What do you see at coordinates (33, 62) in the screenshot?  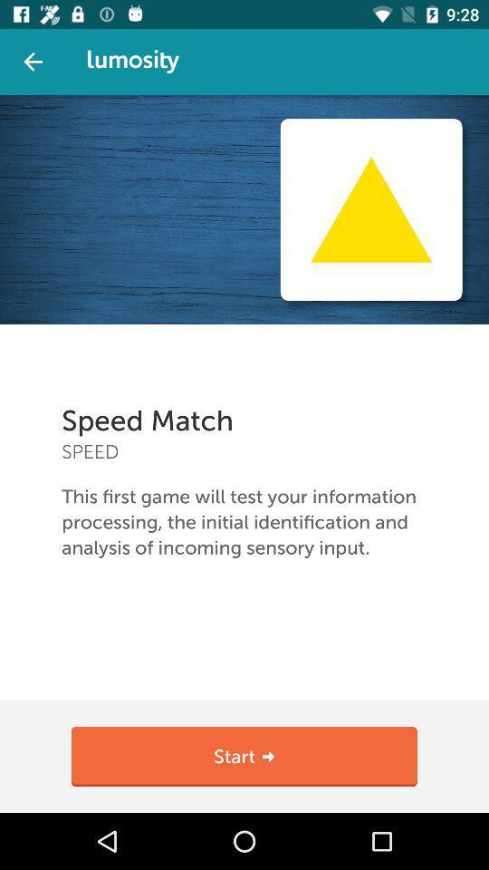 I see `back button` at bounding box center [33, 62].